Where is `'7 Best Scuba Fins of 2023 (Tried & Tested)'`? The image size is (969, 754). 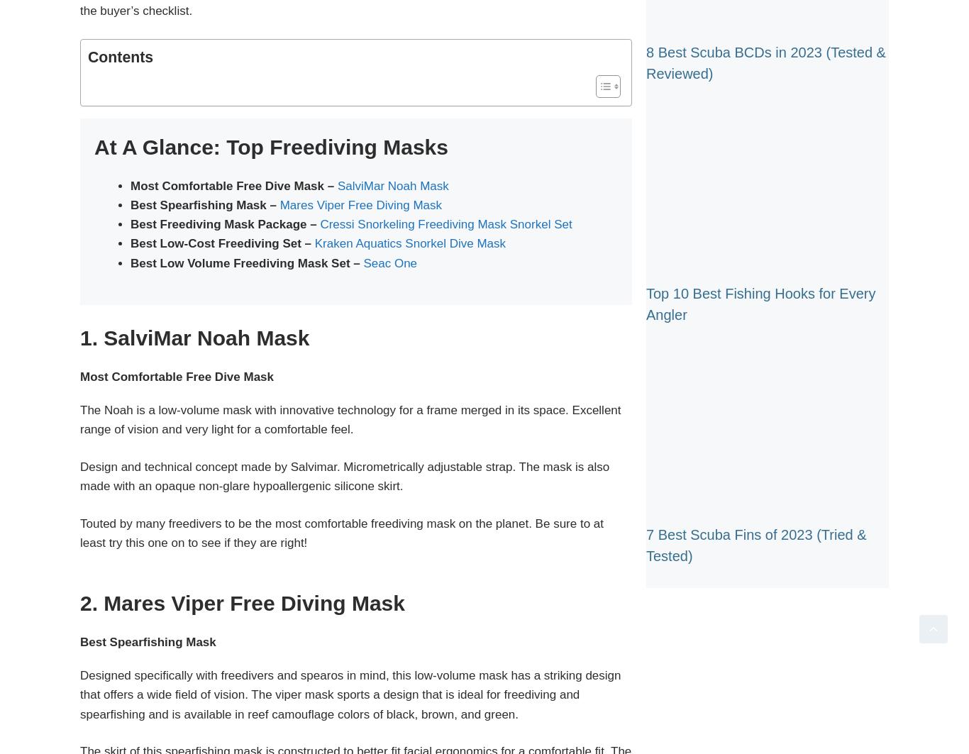
'7 Best Scuba Fins of 2023 (Tried & Tested)' is located at coordinates (755, 544).